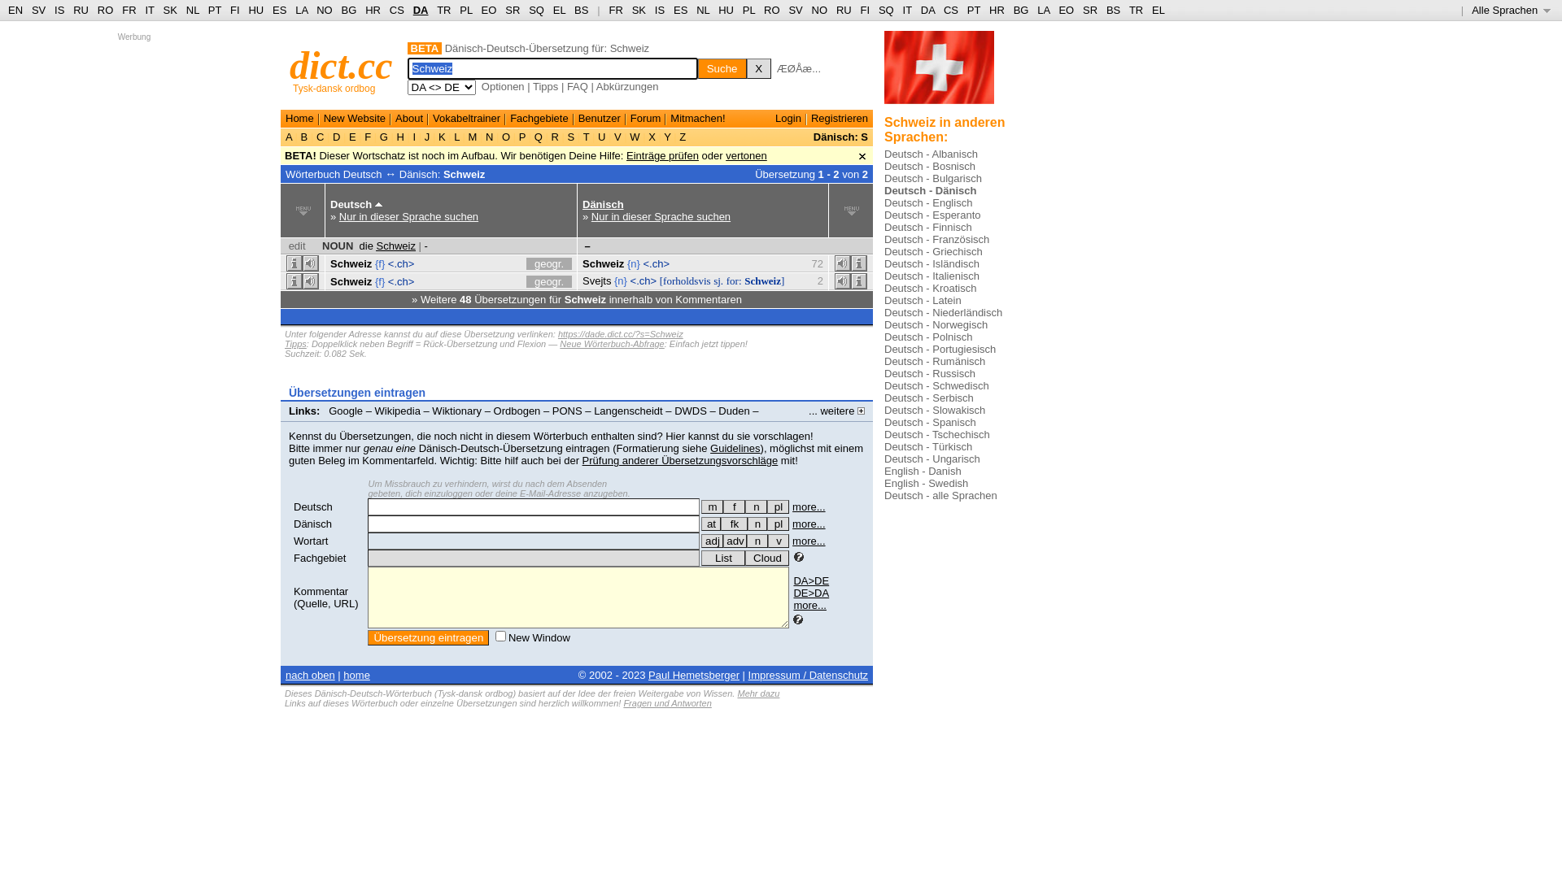 The width and height of the screenshot is (1562, 878). What do you see at coordinates (733, 506) in the screenshot?
I see `'die - weiblich (Femininum)'` at bounding box center [733, 506].